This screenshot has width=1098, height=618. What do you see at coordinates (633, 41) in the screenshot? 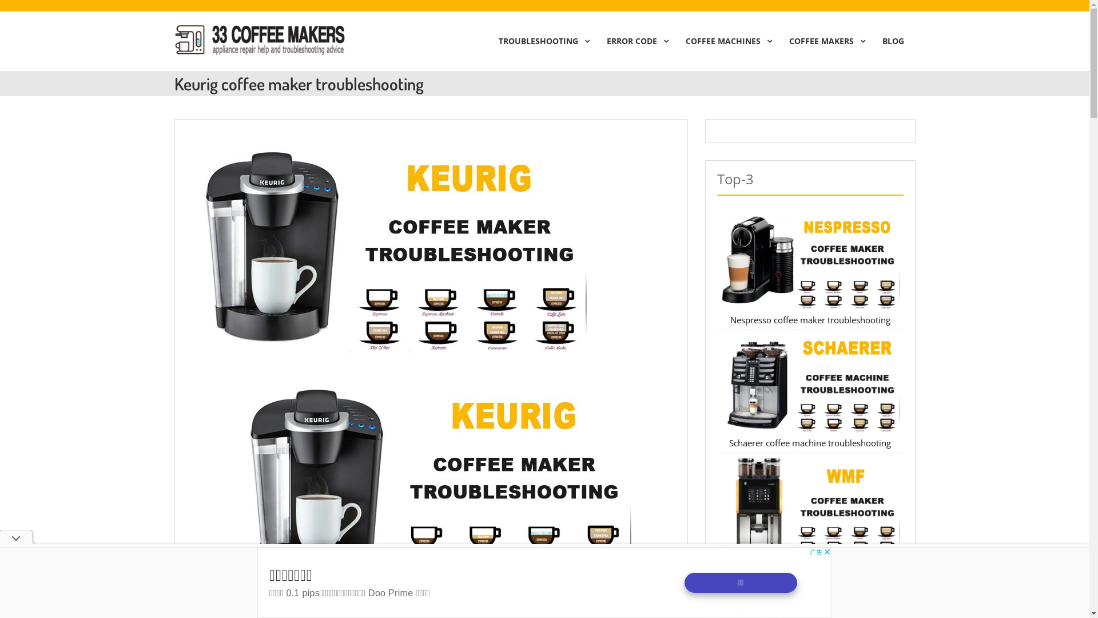
I see `'ERROR CODE'` at bounding box center [633, 41].